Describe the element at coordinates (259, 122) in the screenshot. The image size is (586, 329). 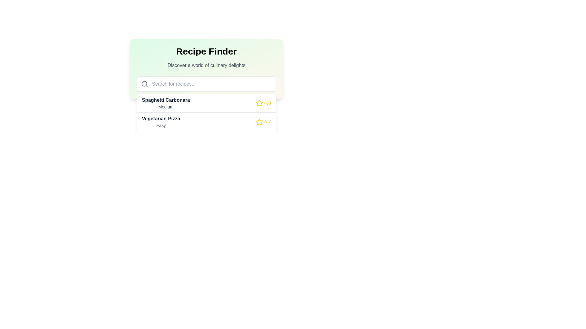
I see `the star icon with a yellow outline representing a rating or favorite functionality, which is part of a group displaying the rating score '4.7'` at that location.